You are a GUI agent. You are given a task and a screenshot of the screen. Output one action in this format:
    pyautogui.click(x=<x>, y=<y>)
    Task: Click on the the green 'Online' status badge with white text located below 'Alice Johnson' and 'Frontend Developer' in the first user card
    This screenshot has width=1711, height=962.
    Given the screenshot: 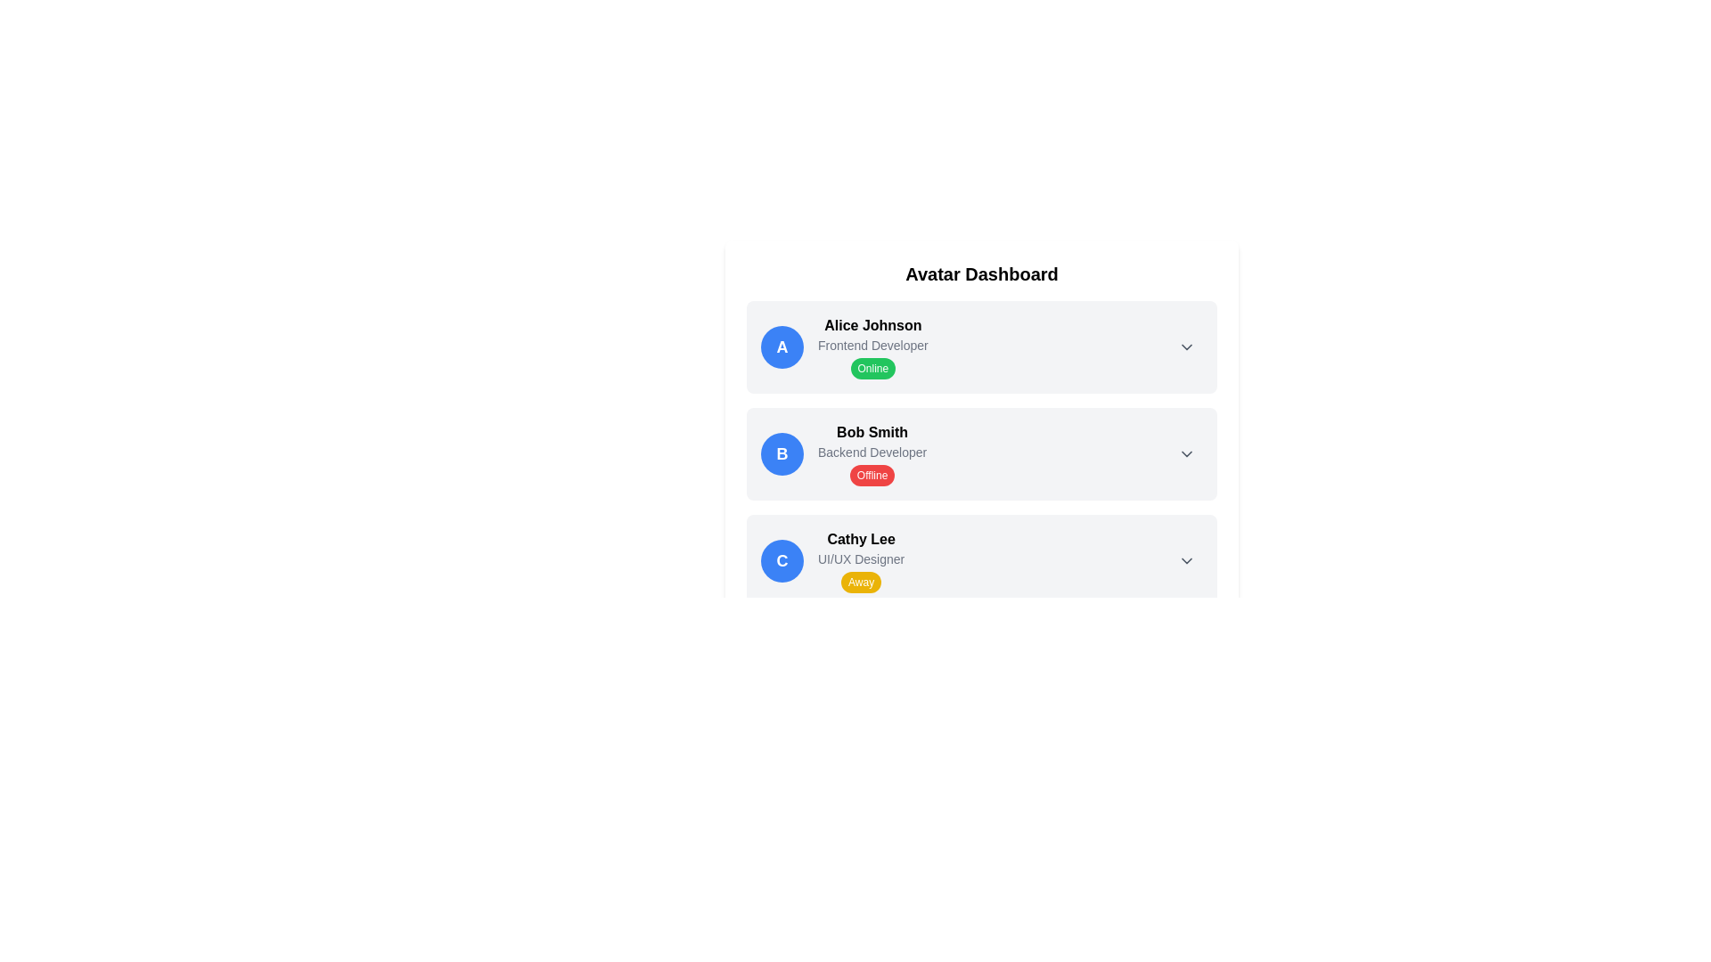 What is the action you would take?
    pyautogui.click(x=872, y=367)
    